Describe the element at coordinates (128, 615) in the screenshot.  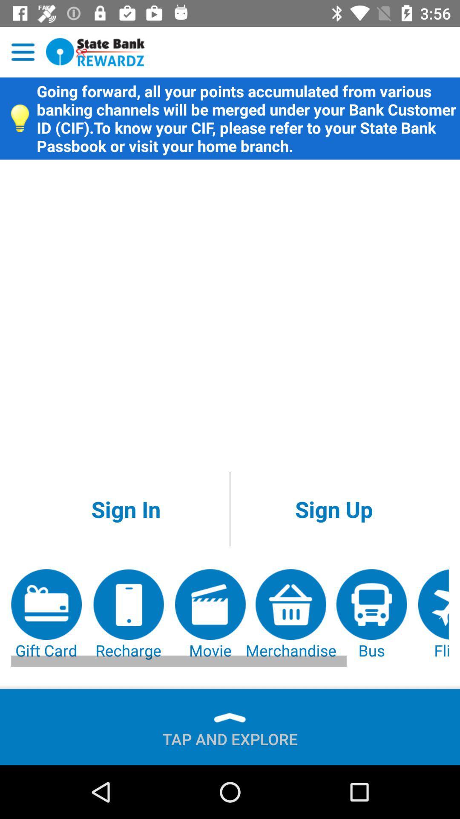
I see `app next to the gift card icon` at that location.